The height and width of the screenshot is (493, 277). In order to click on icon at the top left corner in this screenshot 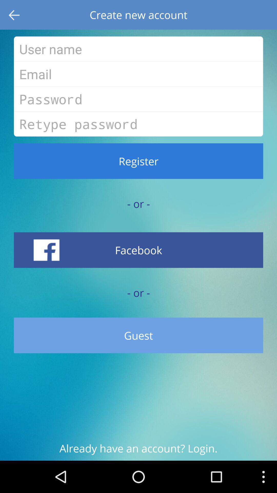, I will do `click(14, 15)`.